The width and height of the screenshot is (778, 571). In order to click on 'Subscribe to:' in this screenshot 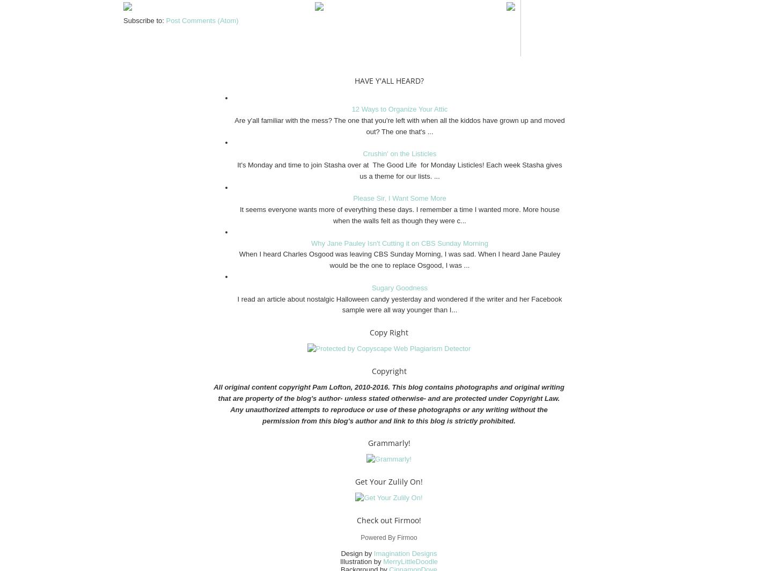, I will do `click(144, 20)`.